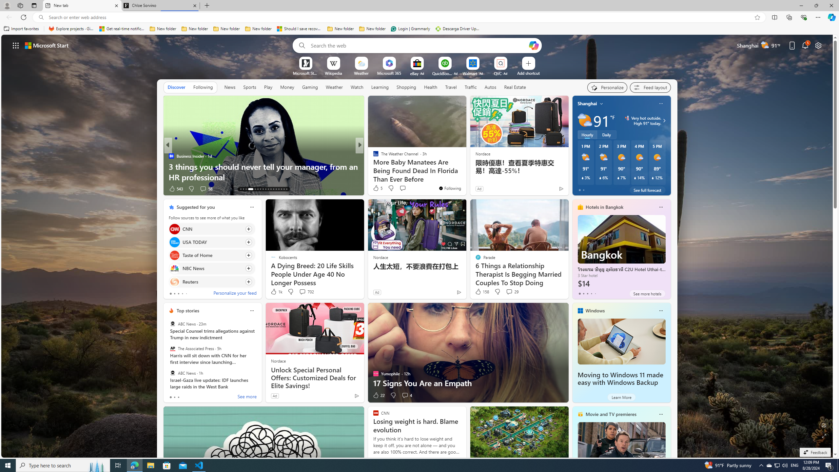 The width and height of the screenshot is (839, 472). What do you see at coordinates (580, 207) in the screenshot?
I see `'hotels-header-icon'` at bounding box center [580, 207].